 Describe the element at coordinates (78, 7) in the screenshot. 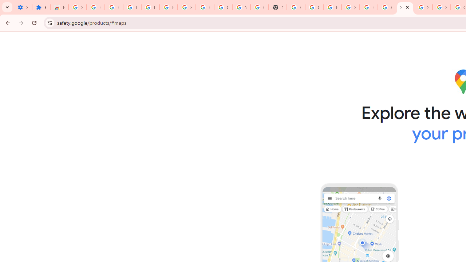

I see `'Sign in - Google Accounts'` at that location.